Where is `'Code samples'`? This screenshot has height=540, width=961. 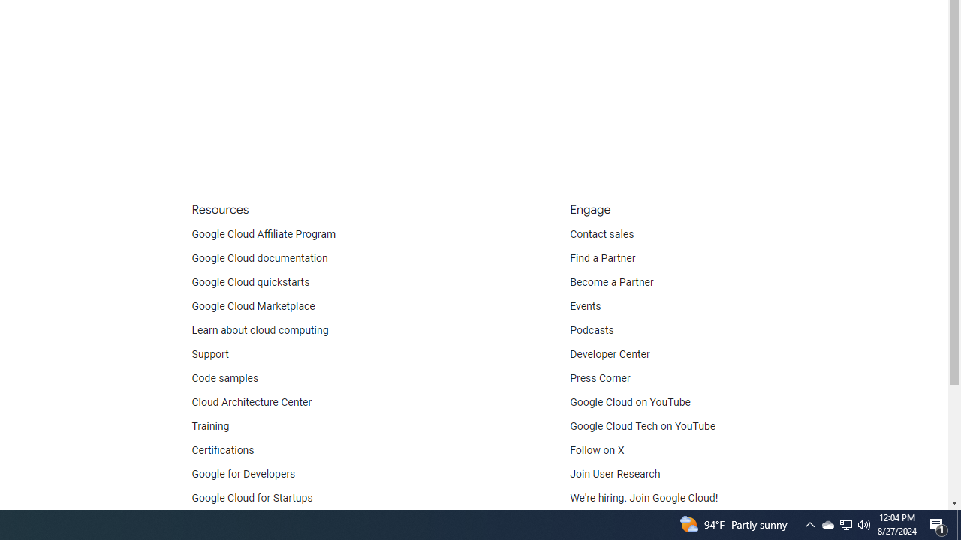 'Code samples' is located at coordinates (224, 378).